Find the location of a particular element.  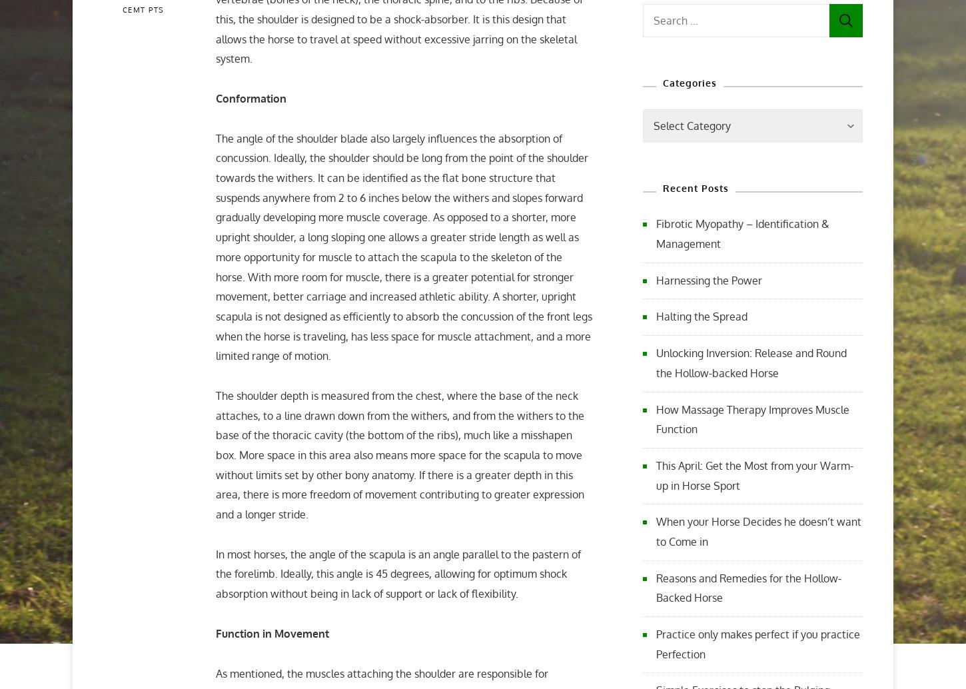

'In most horses, the angle of the scapula is an angle parallel to the pastern of the forelimb. Ideally, this angle is 45 degrees, allowing for optimum shock absorption without being in lack of support or lack of flexibility.' is located at coordinates (398, 573).